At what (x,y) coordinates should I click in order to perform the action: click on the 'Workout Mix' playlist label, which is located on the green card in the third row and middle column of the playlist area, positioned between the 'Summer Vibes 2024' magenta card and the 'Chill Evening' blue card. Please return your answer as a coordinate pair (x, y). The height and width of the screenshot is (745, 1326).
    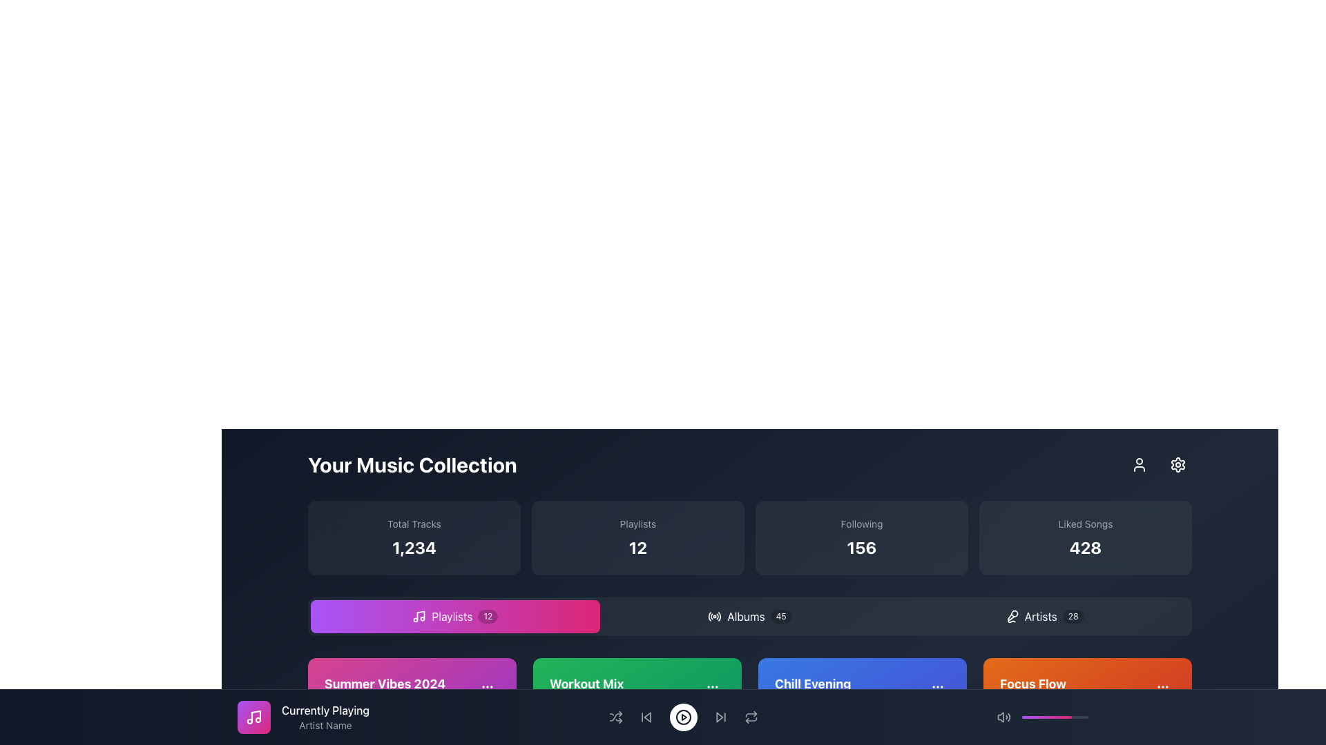
    Looking at the image, I should click on (586, 692).